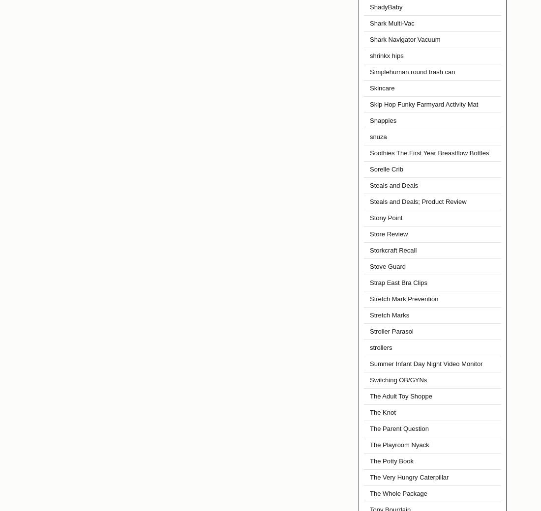  What do you see at coordinates (423, 104) in the screenshot?
I see `'Skip Hop Funky Farmyard Activity Mat'` at bounding box center [423, 104].